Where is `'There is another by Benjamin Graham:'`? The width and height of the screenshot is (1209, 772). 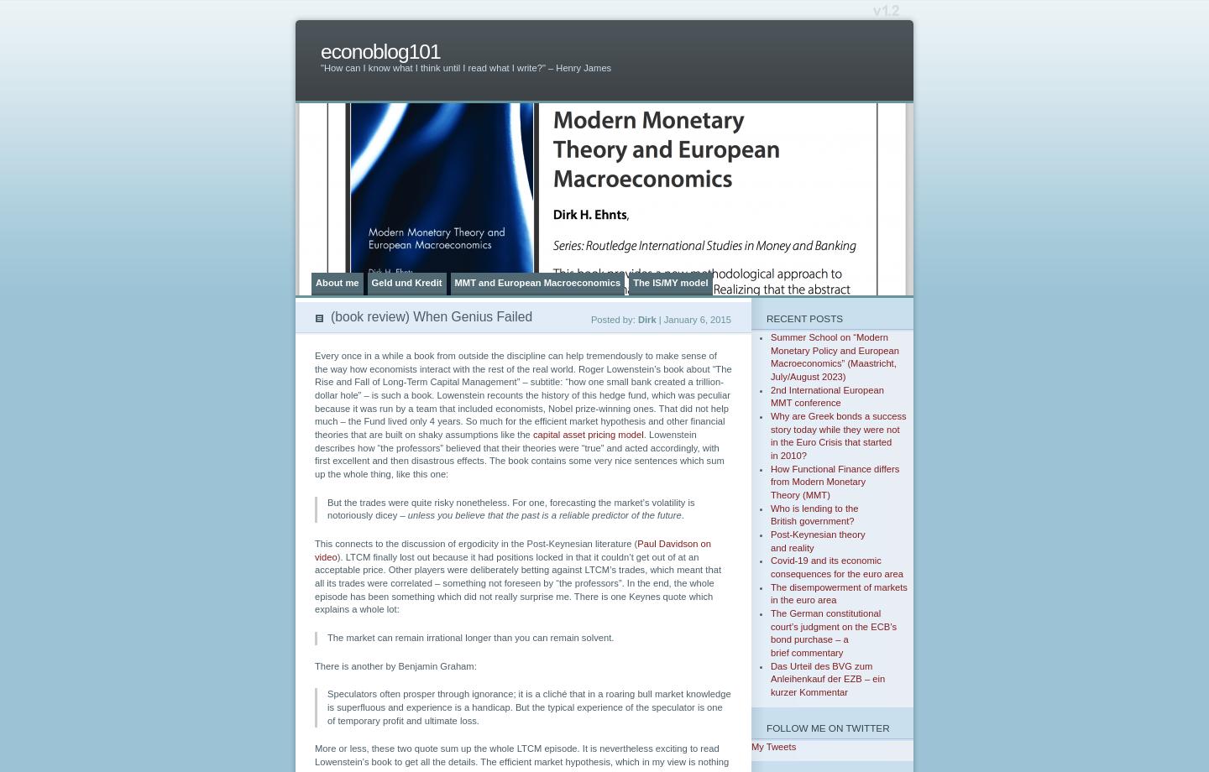 'There is another by Benjamin Graham:' is located at coordinates (395, 665).